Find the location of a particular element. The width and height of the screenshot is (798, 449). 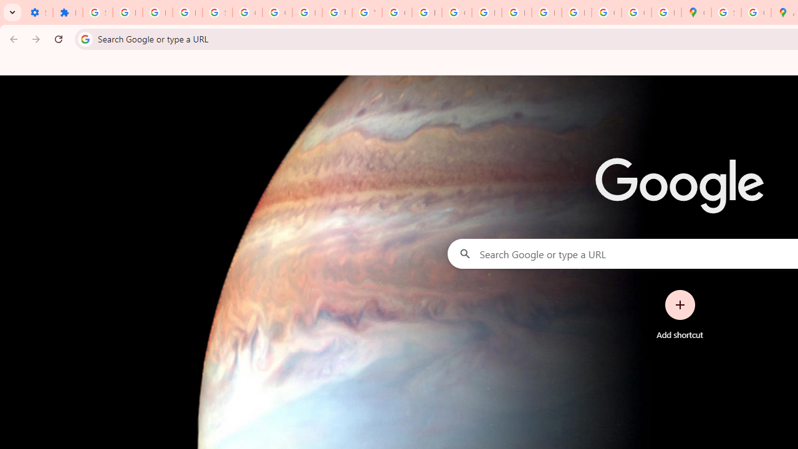

'Google Account Help' is located at coordinates (247, 12).